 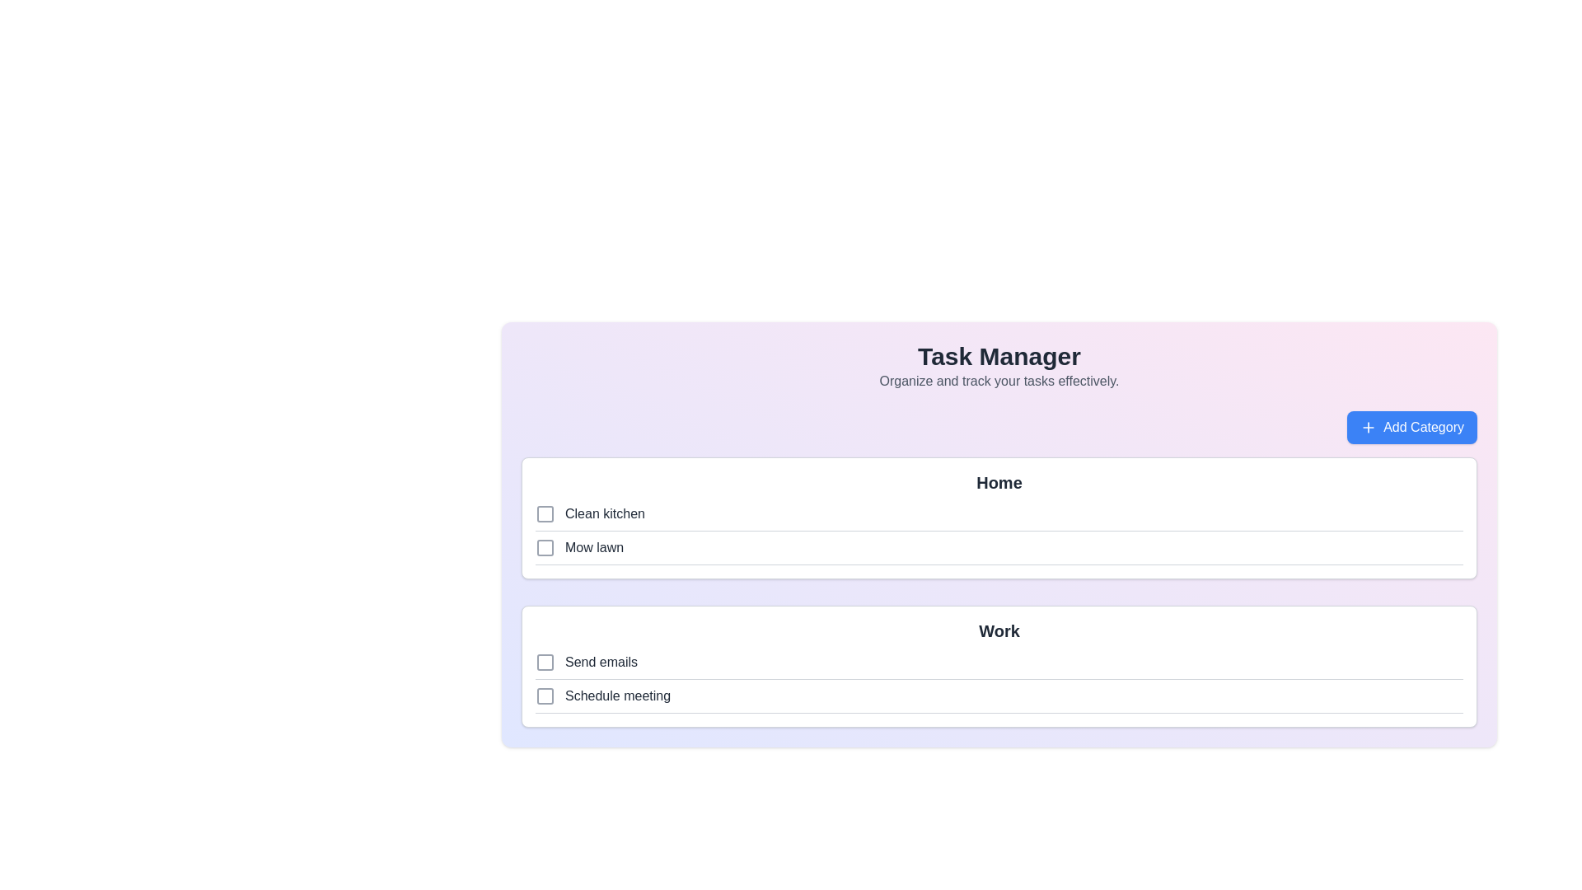 What do you see at coordinates (545, 696) in the screenshot?
I see `the checkbox used to select or deselect the 'Schedule meeting' task located near the left side of the line containing that text in the checklist under the 'Work' section` at bounding box center [545, 696].